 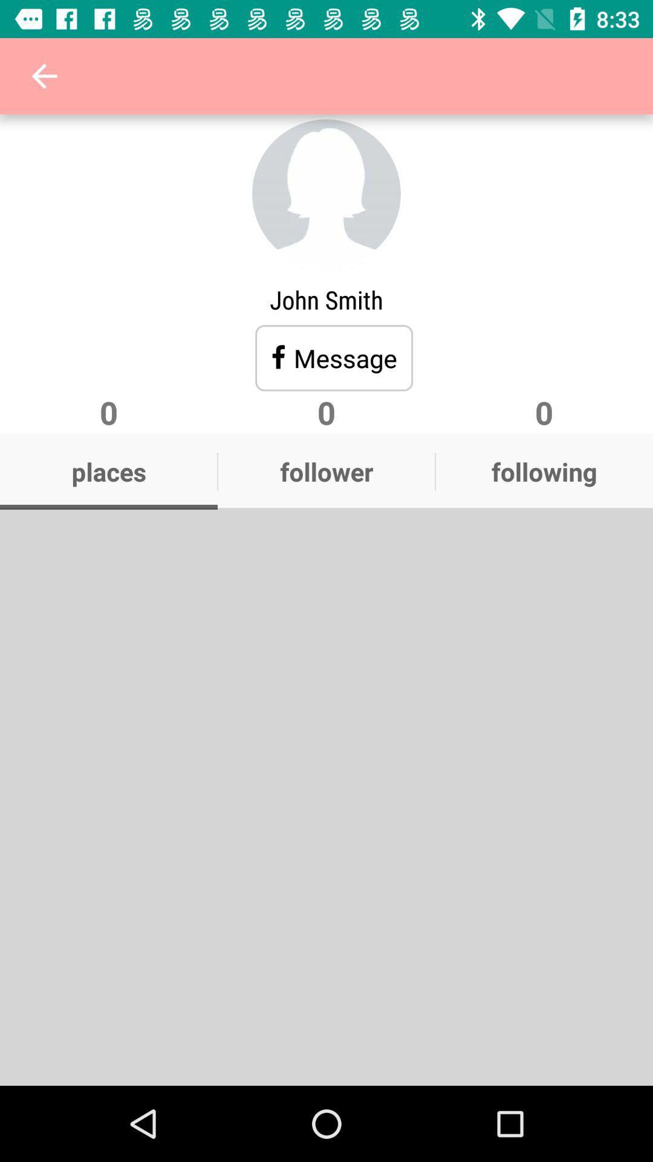 I want to click on the following icon, so click(x=543, y=471).